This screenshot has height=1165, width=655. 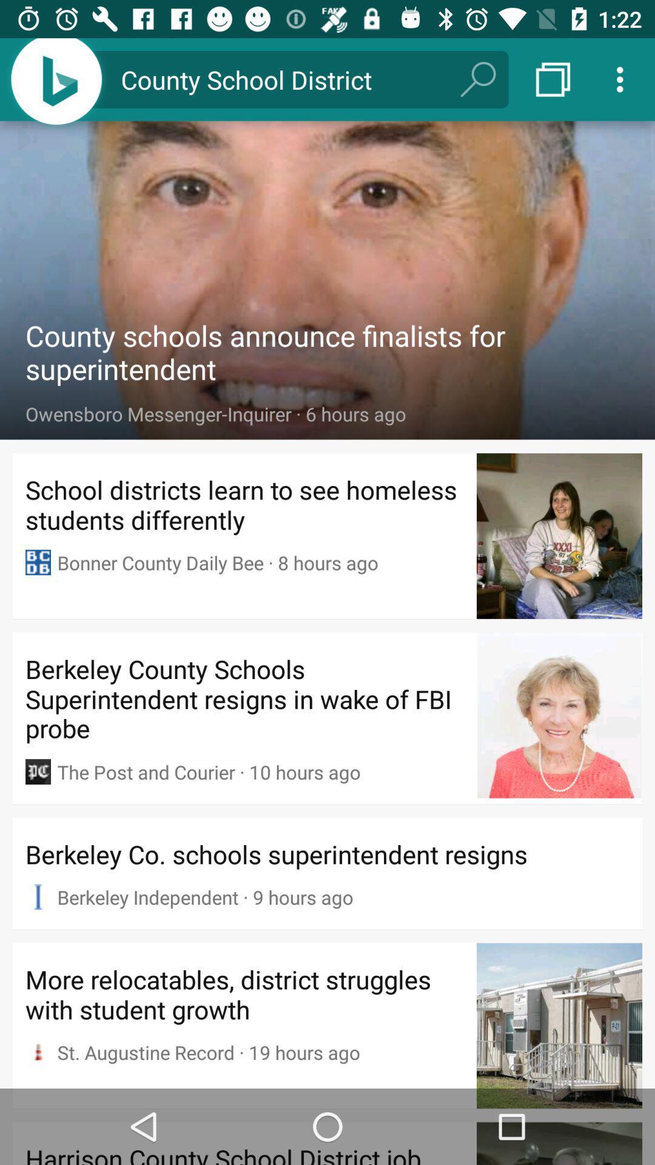 I want to click on the copy icon, so click(x=553, y=79).